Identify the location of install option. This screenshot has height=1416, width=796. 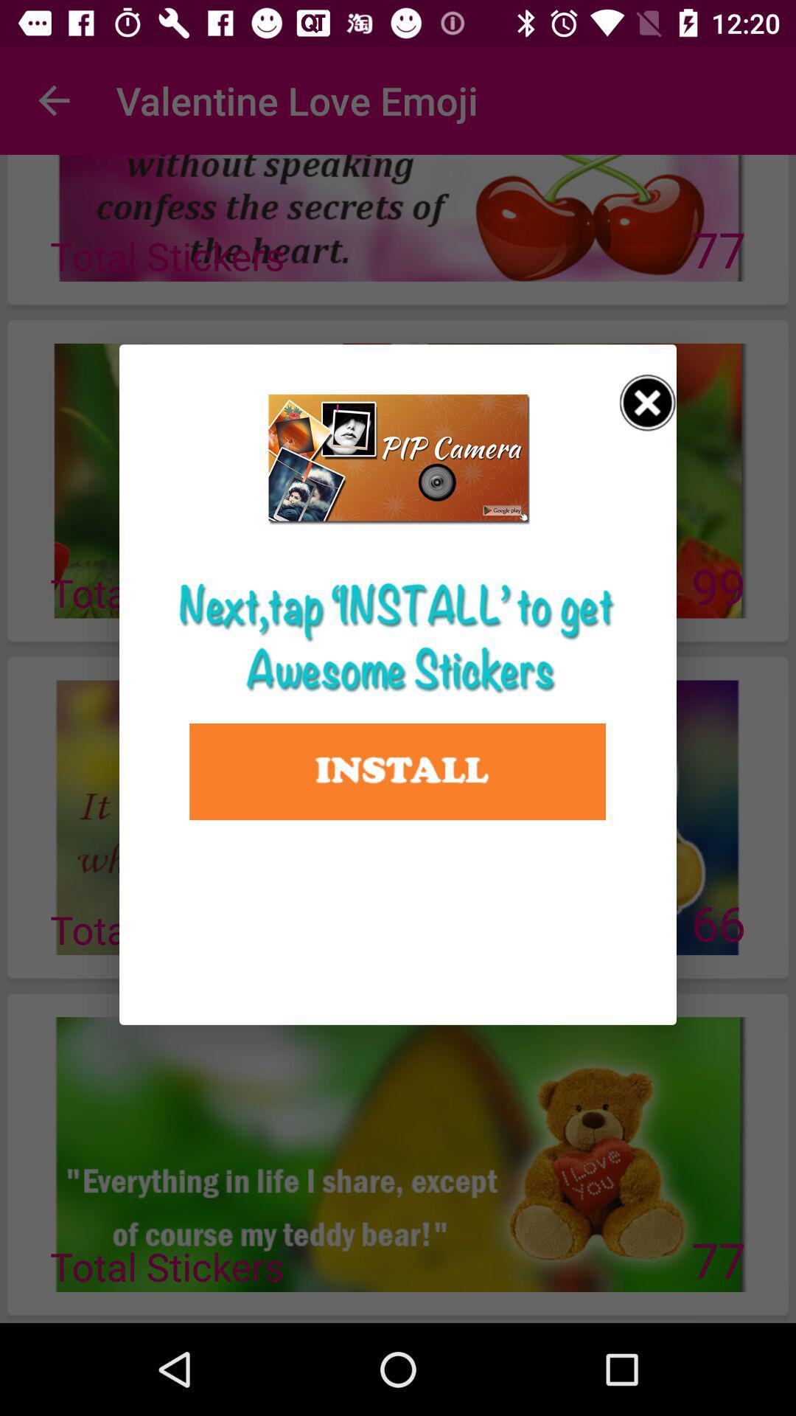
(397, 771).